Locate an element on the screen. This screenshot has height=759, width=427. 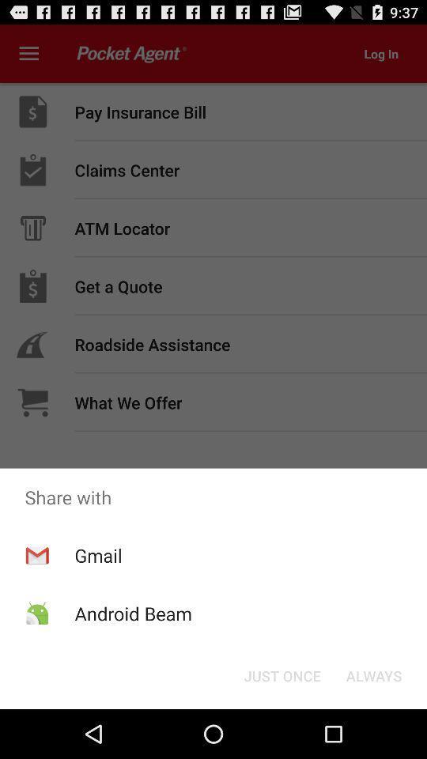
the app below the share with is located at coordinates (282, 674).